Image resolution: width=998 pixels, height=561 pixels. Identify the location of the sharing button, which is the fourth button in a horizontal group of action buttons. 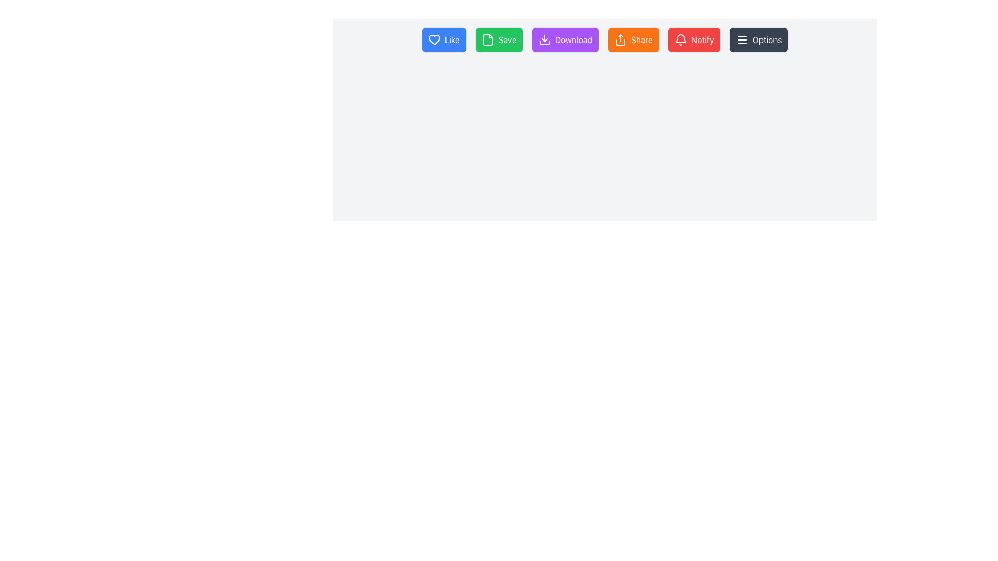
(633, 39).